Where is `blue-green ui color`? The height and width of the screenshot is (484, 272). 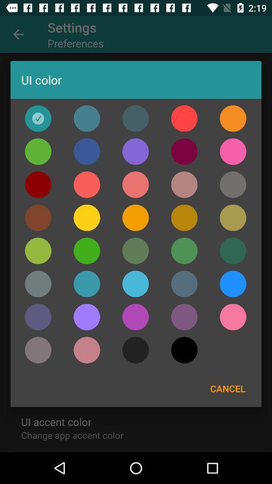 blue-green ui color is located at coordinates (184, 250).